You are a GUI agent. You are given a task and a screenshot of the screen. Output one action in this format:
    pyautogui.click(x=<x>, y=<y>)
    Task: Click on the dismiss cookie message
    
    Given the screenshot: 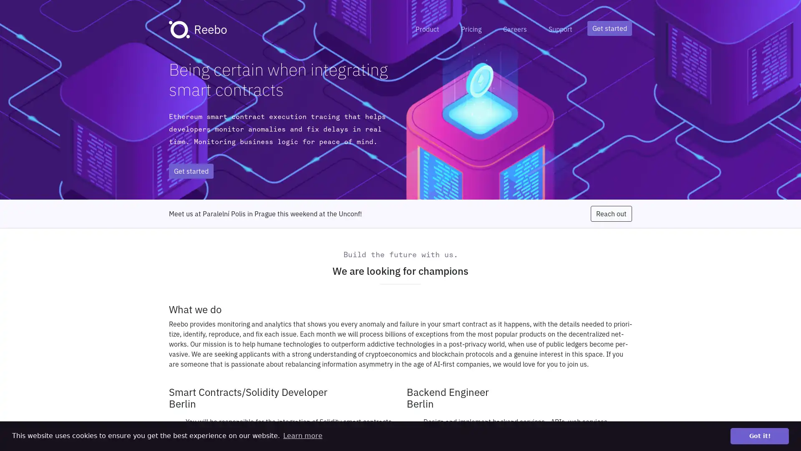 What is the action you would take?
    pyautogui.click(x=759, y=436)
    